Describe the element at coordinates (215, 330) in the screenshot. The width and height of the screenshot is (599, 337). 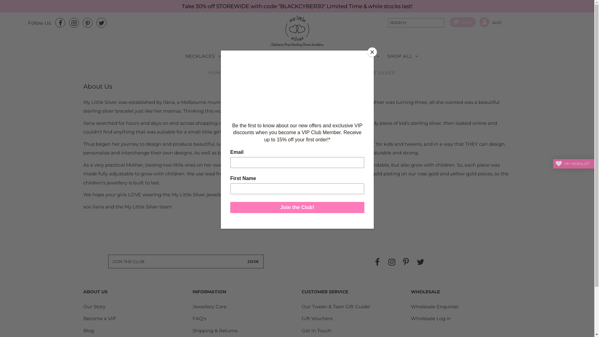
I see `'Shipping & Returns'` at that location.